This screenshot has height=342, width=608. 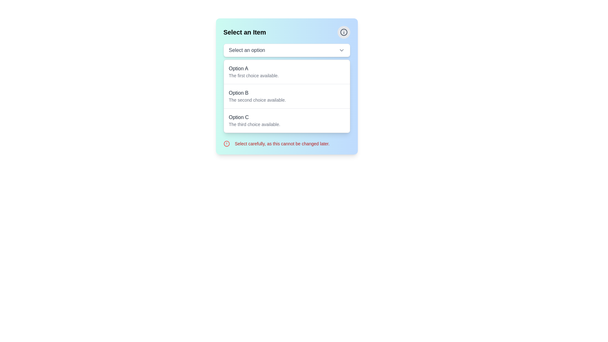 I want to click on the third selectable option in the dropdown list, so click(x=286, y=120).